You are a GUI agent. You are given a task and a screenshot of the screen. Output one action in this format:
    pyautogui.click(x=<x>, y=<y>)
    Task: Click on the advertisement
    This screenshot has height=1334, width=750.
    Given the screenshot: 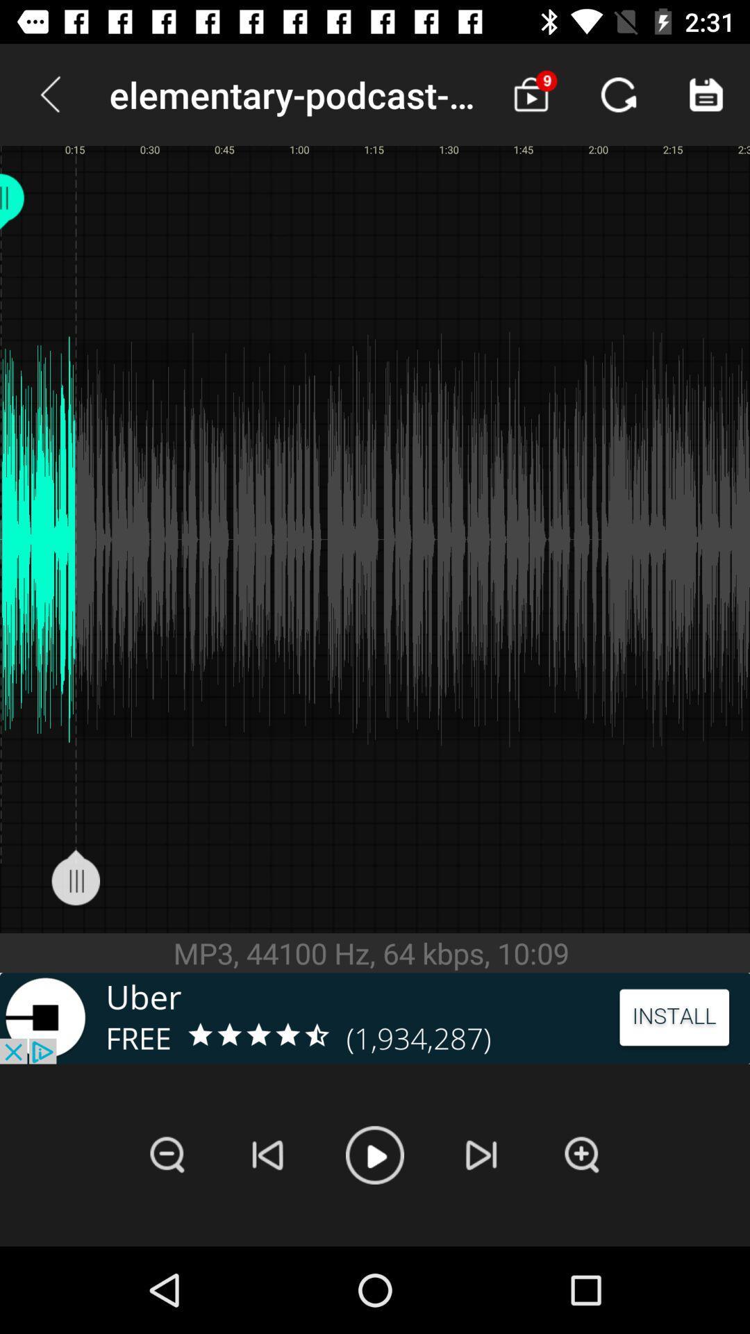 What is the action you would take?
    pyautogui.click(x=375, y=1018)
    